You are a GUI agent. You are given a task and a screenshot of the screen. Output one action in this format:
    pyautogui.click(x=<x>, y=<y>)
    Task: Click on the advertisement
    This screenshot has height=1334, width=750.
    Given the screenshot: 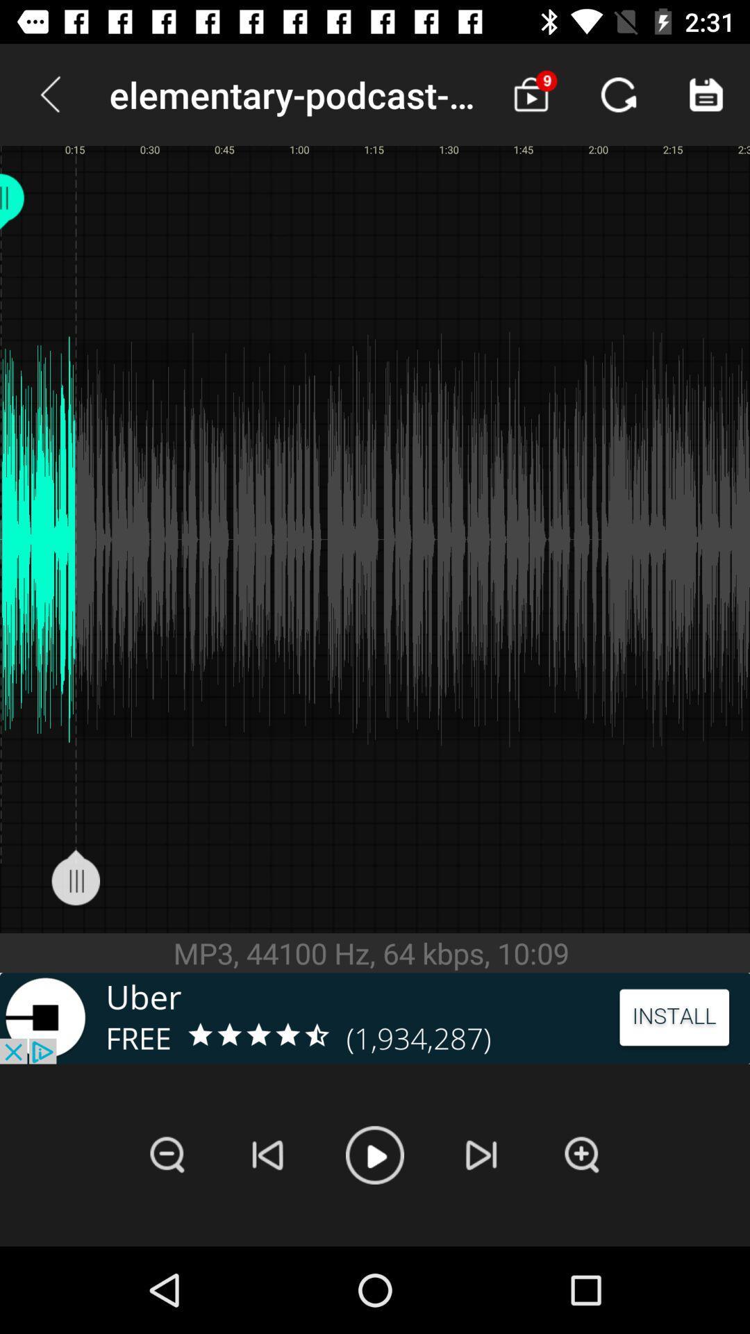 What is the action you would take?
    pyautogui.click(x=375, y=1018)
    